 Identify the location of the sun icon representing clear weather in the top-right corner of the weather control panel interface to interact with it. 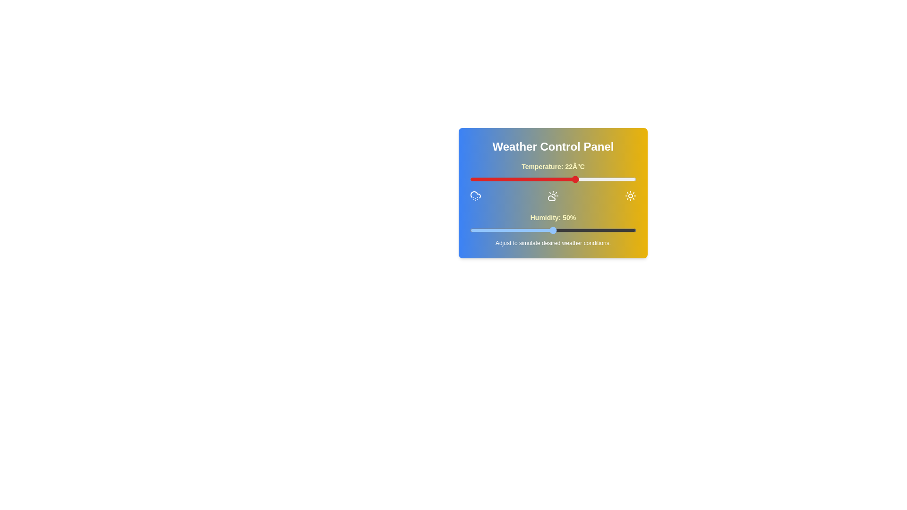
(630, 195).